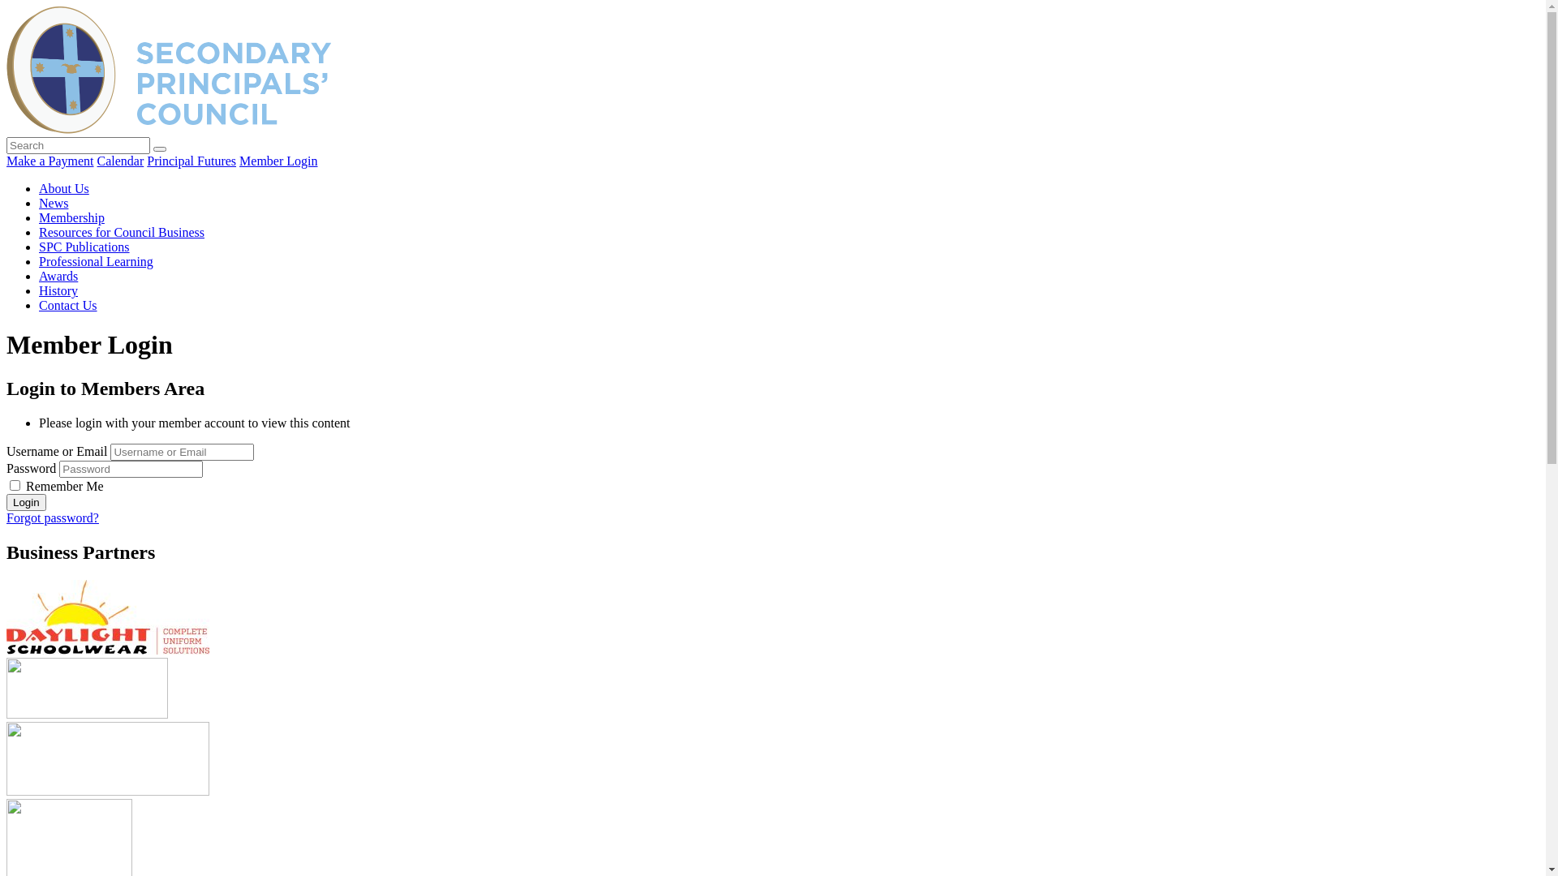 Image resolution: width=1558 pixels, height=876 pixels. What do you see at coordinates (71, 217) in the screenshot?
I see `'Membership'` at bounding box center [71, 217].